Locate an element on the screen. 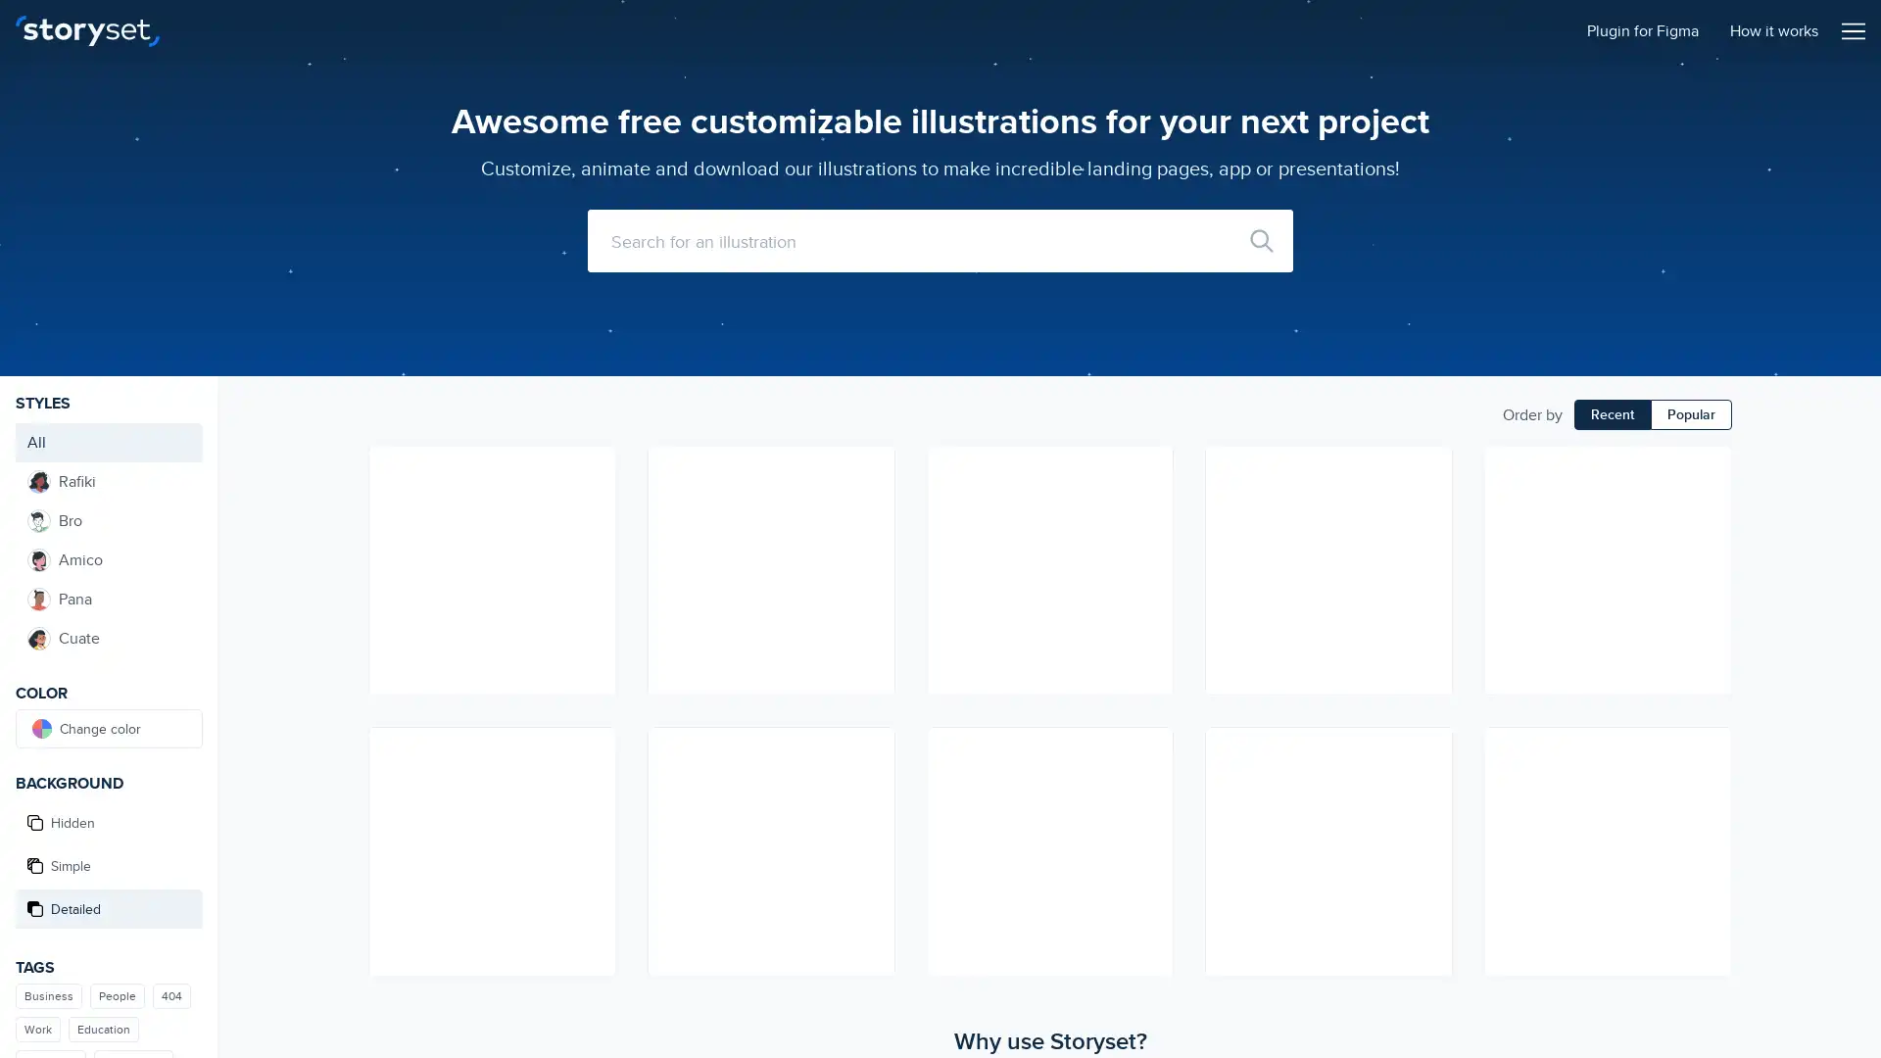 The height and width of the screenshot is (1058, 1881). download icon Download is located at coordinates (1428, 785).